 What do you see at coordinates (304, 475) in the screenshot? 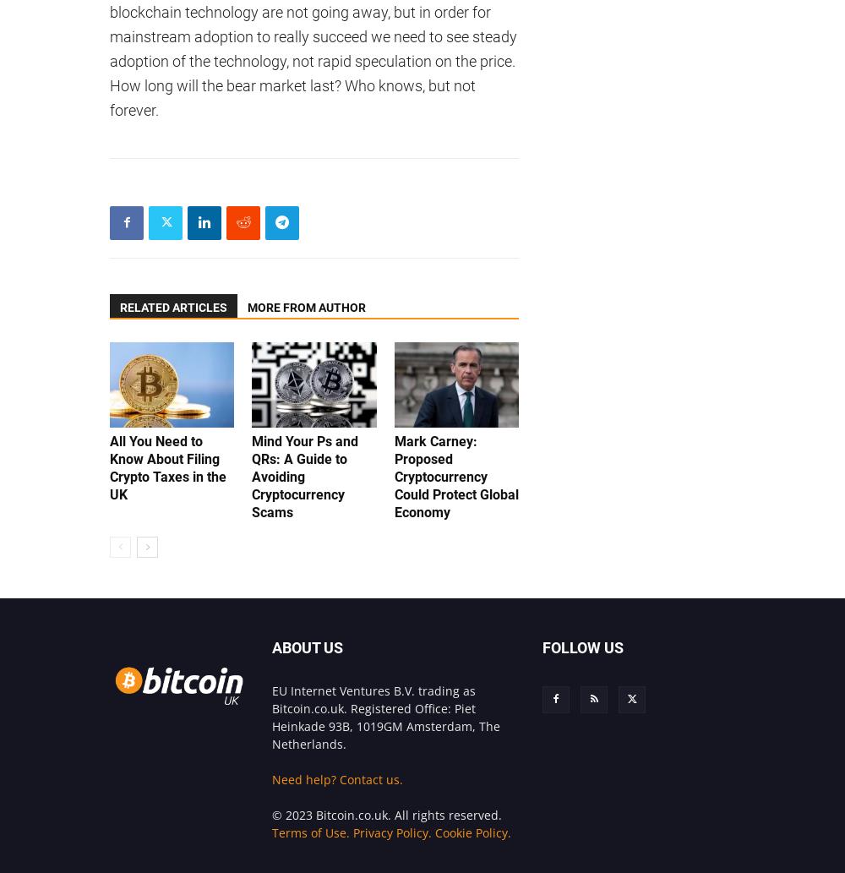
I see `'Mind Your Ps and QRs: A Guide to Avoiding Cryptocurrency Scams'` at bounding box center [304, 475].